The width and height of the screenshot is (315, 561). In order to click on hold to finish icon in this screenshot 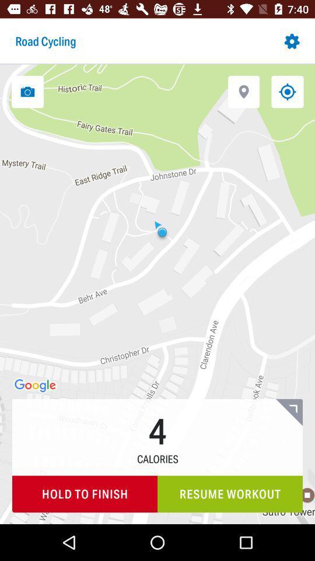, I will do `click(84, 493)`.